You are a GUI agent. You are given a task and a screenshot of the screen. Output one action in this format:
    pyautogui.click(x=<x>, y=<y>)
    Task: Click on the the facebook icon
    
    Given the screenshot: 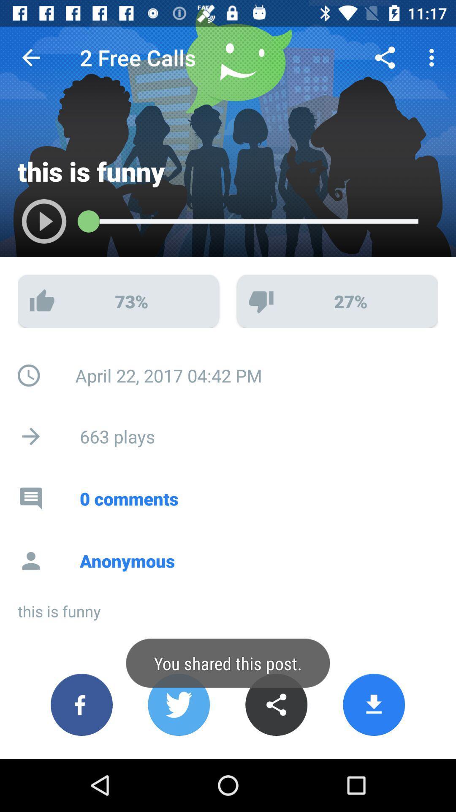 What is the action you would take?
    pyautogui.click(x=81, y=705)
    